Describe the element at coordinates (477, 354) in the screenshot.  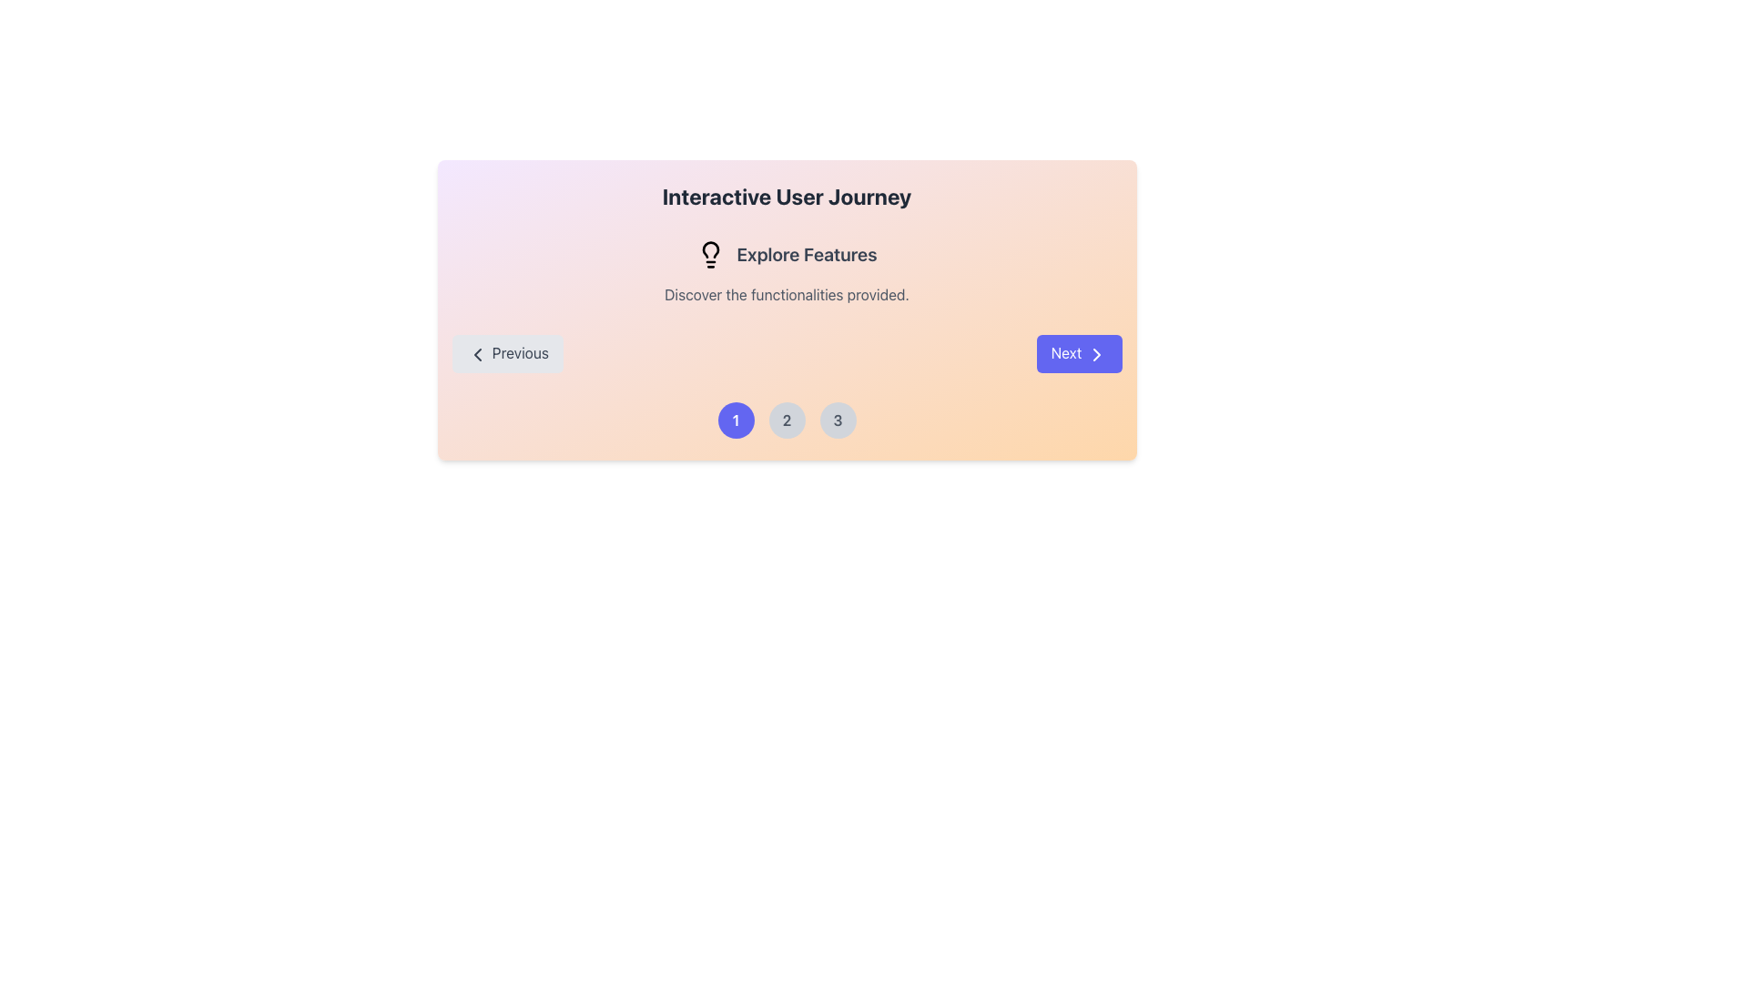
I see `the left-pointing chevron icon inside the 'Previous' button` at that location.